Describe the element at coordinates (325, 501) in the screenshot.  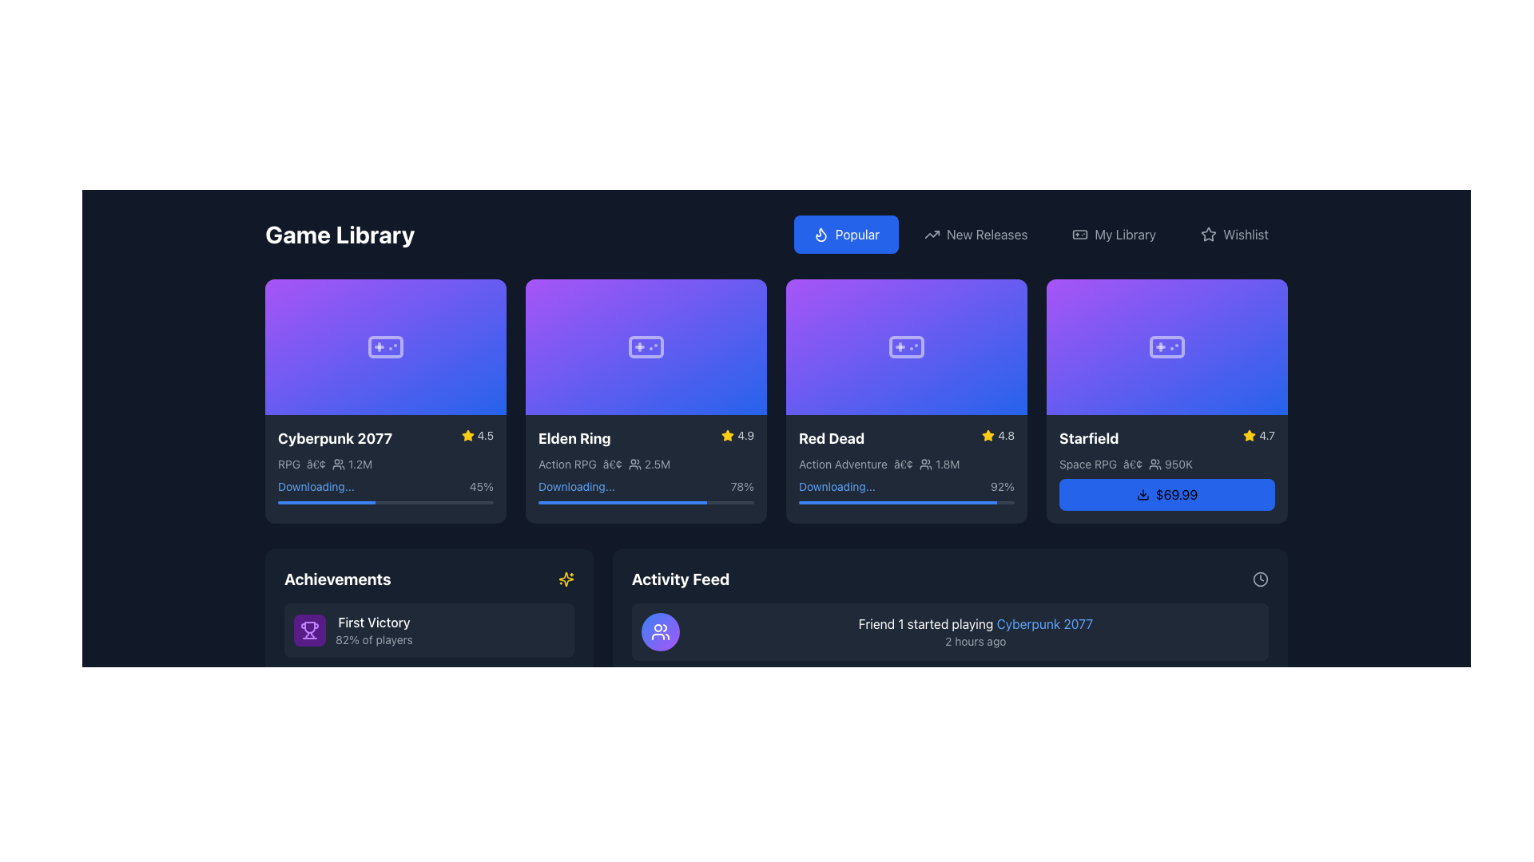
I see `the progress bar segment indicating 45% completion of the download for 'Cyberpunk 2077'` at that location.